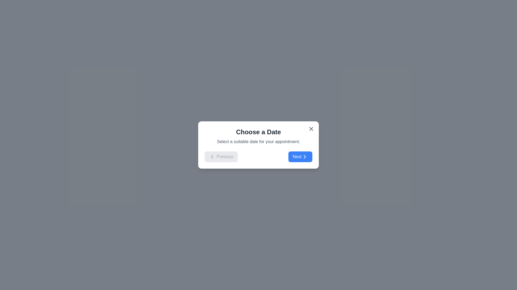 This screenshot has width=517, height=290. I want to click on the 'Next' button with a blue background and white text, which has rounded edges and an arrow icon on its right side, so click(300, 157).